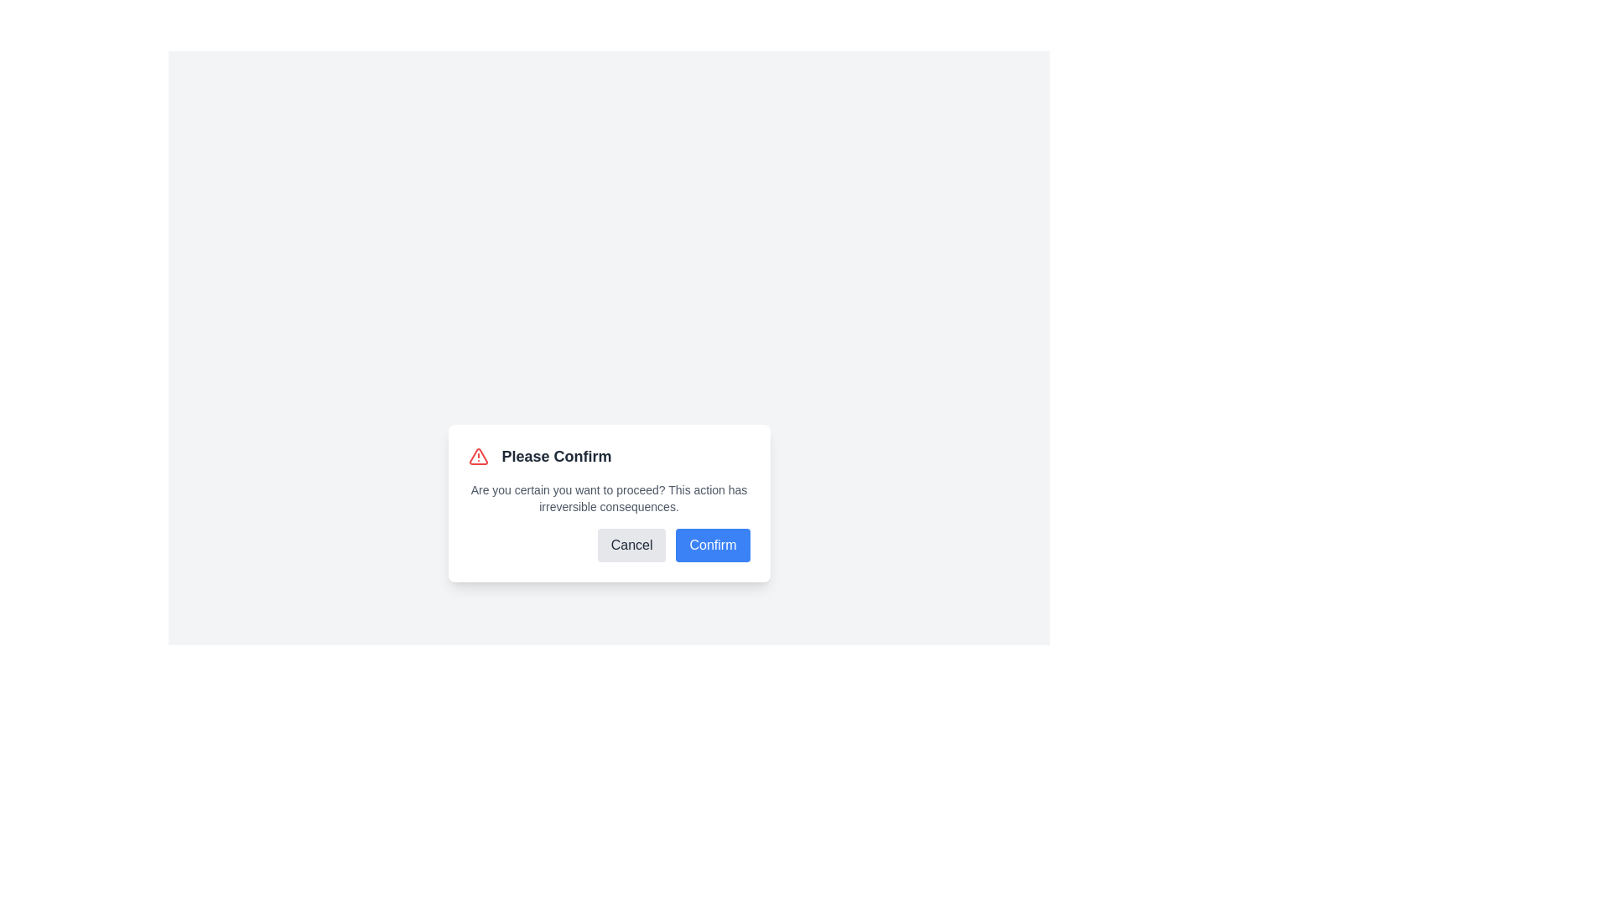 Image resolution: width=1610 pixels, height=905 pixels. What do you see at coordinates (608, 497) in the screenshot?
I see `warning text displayed in the modal dialog box below the 'Please Confirm' heading and above the 'Cancel' and 'Confirm' buttons` at bounding box center [608, 497].